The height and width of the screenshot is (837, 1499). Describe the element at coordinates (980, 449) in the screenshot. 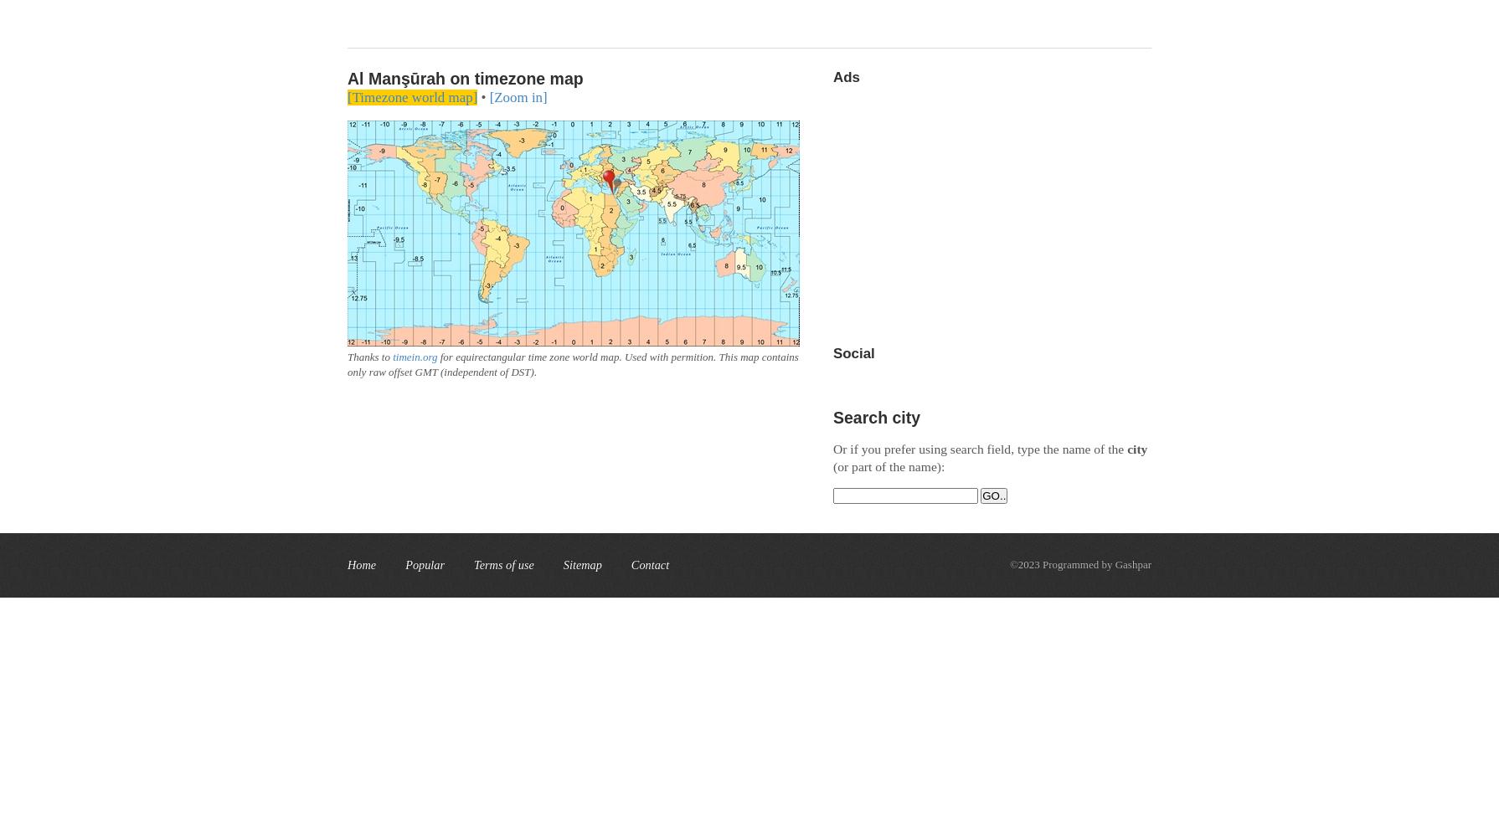

I see `'Or if you prefer using search field, type the name of the'` at that location.